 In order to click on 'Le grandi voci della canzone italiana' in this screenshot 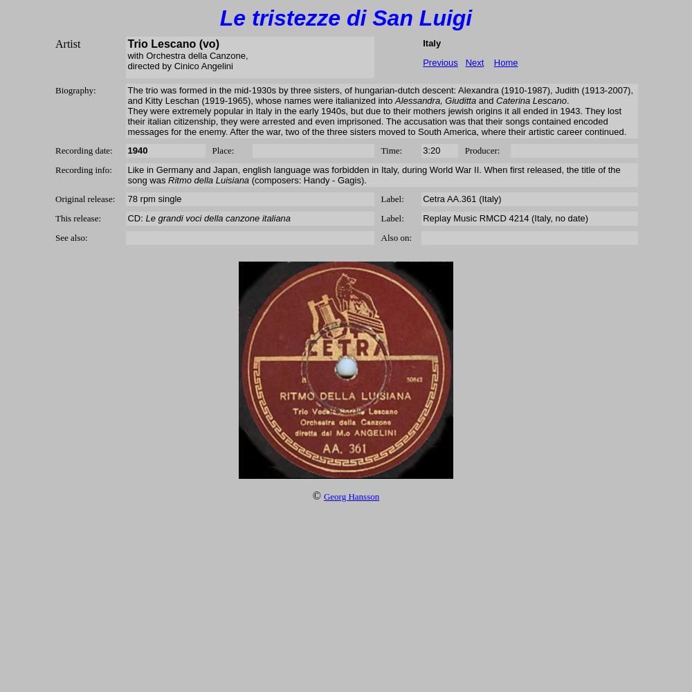, I will do `click(145, 217)`.